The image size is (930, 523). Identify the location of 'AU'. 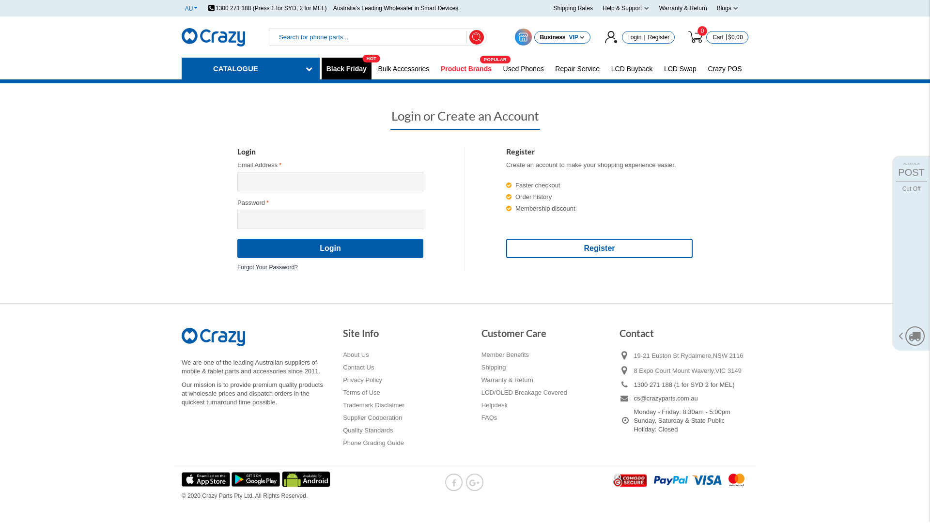
(185, 8).